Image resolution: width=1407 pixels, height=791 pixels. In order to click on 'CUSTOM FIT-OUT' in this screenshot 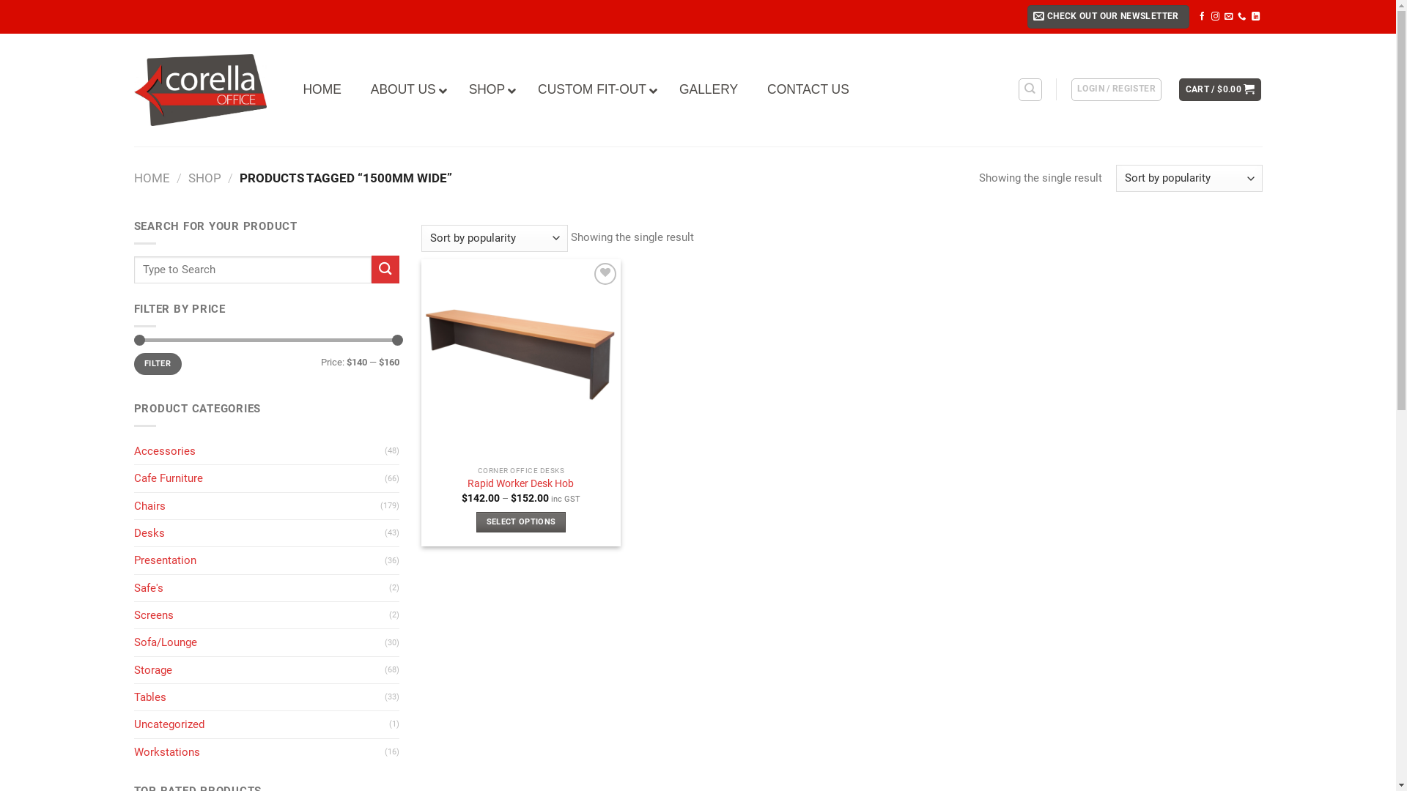, I will do `click(594, 89)`.